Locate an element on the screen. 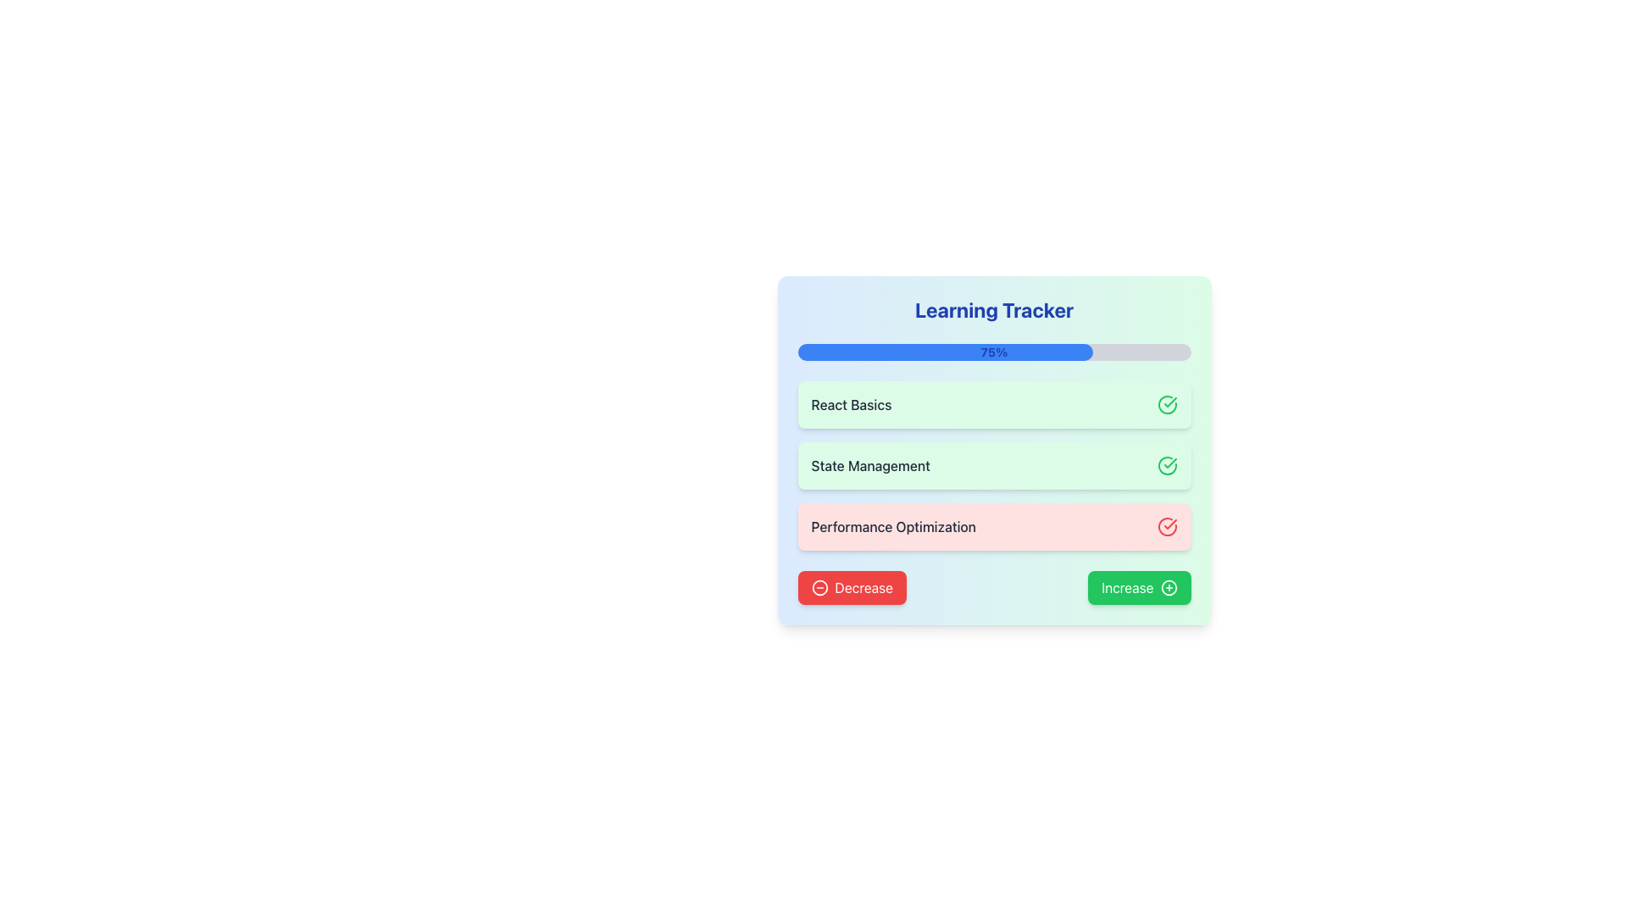 This screenshot has width=1627, height=915. the text label identifying the learning topic 'React Basics' in the progress tracker interface is located at coordinates (851, 405).